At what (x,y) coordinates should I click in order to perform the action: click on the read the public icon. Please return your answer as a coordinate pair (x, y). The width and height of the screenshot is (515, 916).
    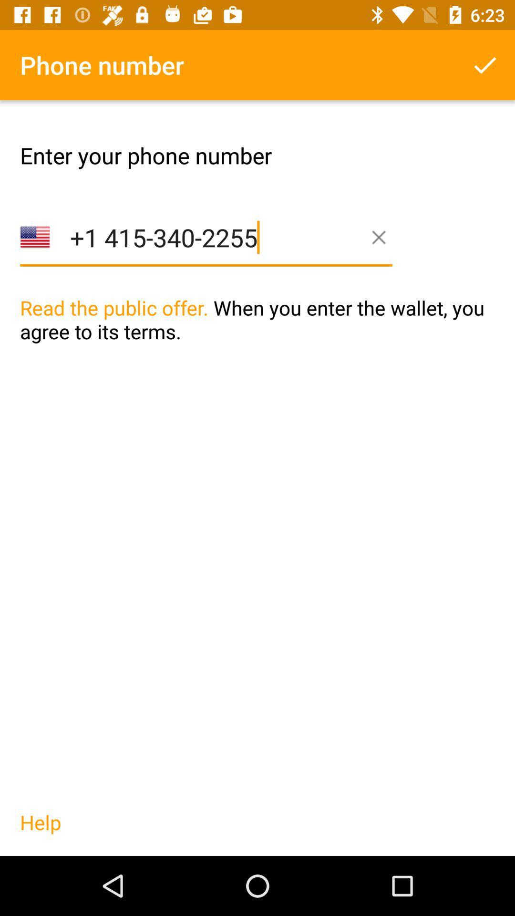
    Looking at the image, I should click on (257, 339).